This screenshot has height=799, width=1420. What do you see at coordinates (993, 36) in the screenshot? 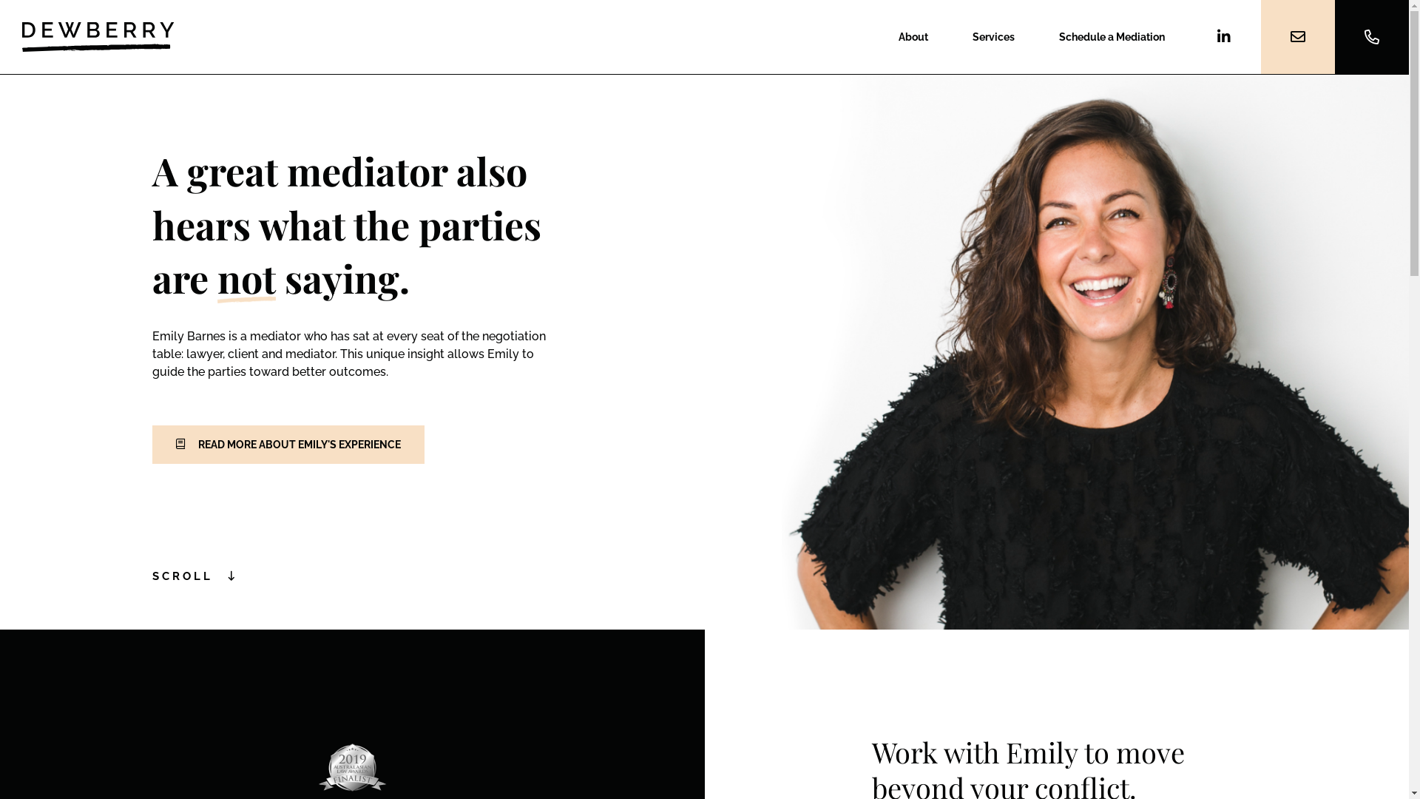
I see `'Services'` at bounding box center [993, 36].